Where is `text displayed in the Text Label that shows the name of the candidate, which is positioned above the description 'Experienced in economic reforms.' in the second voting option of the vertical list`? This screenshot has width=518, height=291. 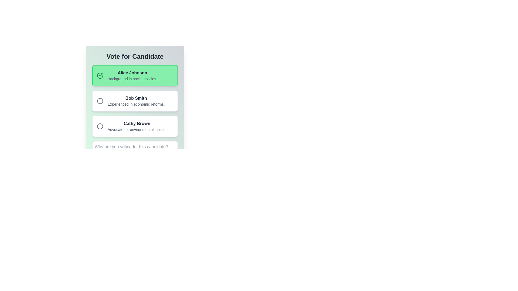
text displayed in the Text Label that shows the name of the candidate, which is positioned above the description 'Experienced in economic reforms.' in the second voting option of the vertical list is located at coordinates (136, 98).